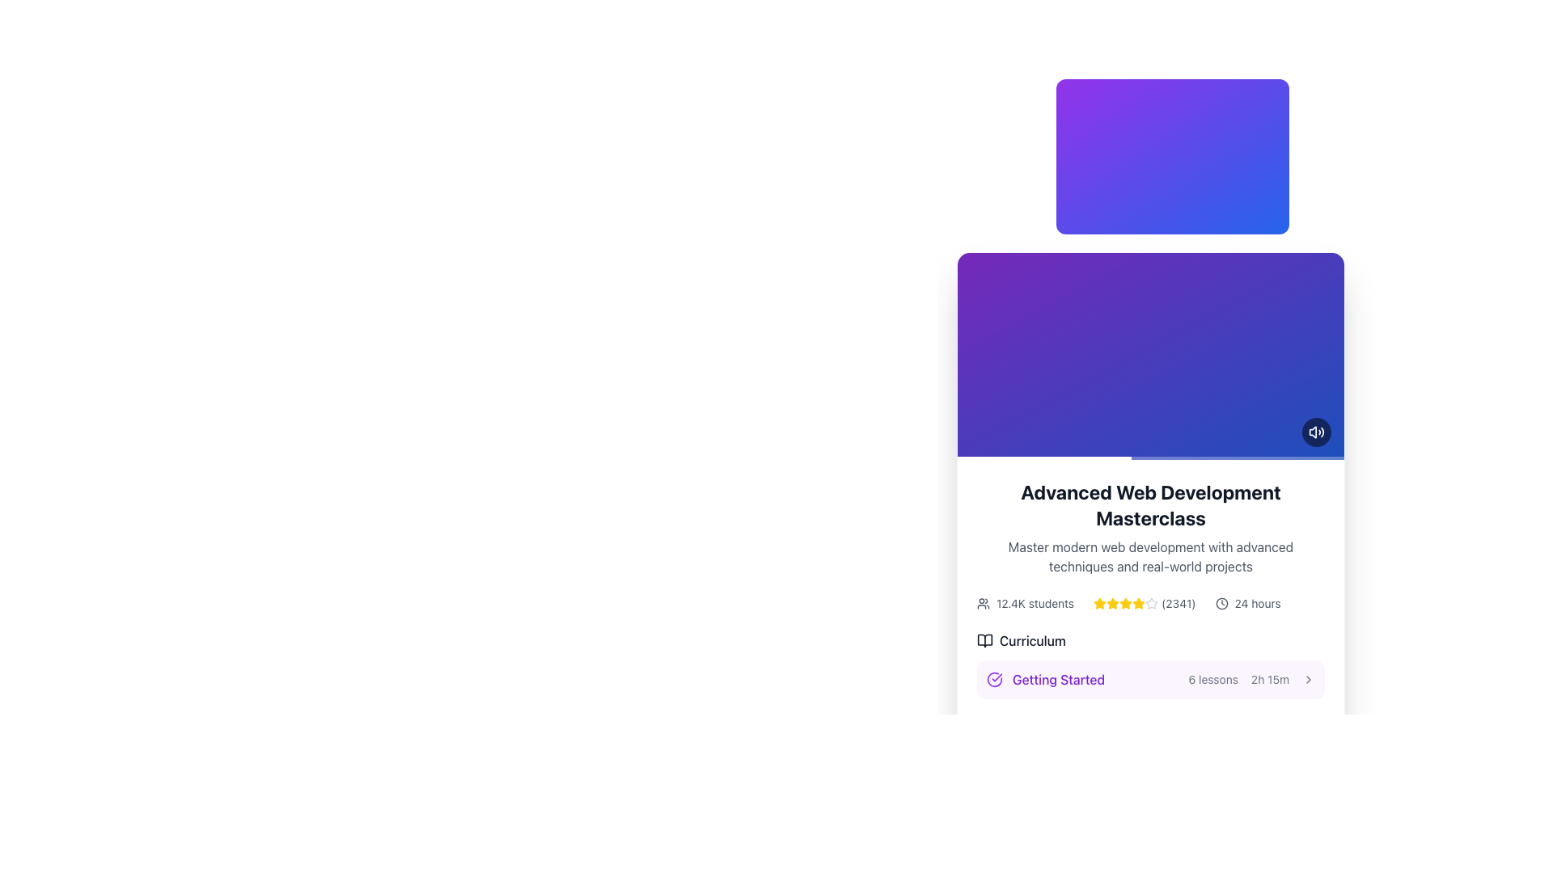  I want to click on text content of the purple-colored label that says 'Getting Started', which is located at the bottom of a course card, next to a circular checkmark icon, so click(1046, 679).